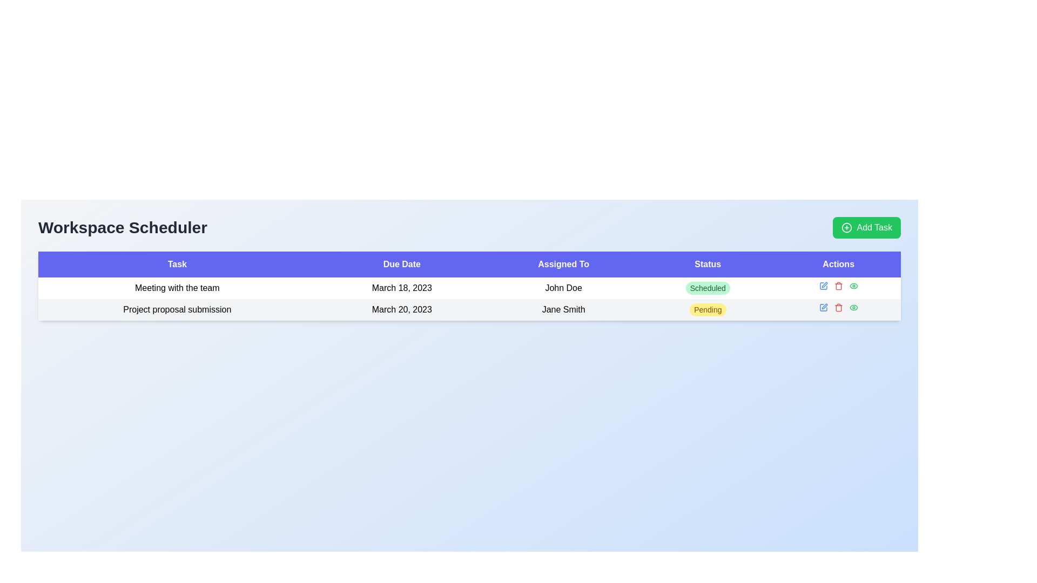  Describe the element at coordinates (708, 310) in the screenshot. I see `the 'Pending' label with a yellow background and brown text in the 'Status' column of the table, specifically in the second row for 'Project proposal submission' assigned to 'Jane Smith'` at that location.